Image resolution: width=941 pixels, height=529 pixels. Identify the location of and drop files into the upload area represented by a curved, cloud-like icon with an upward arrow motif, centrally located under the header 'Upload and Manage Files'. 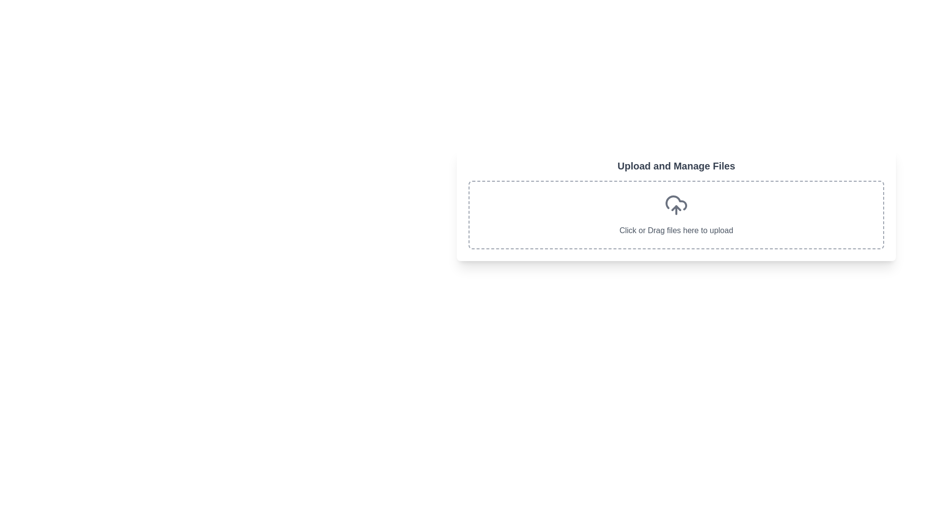
(676, 202).